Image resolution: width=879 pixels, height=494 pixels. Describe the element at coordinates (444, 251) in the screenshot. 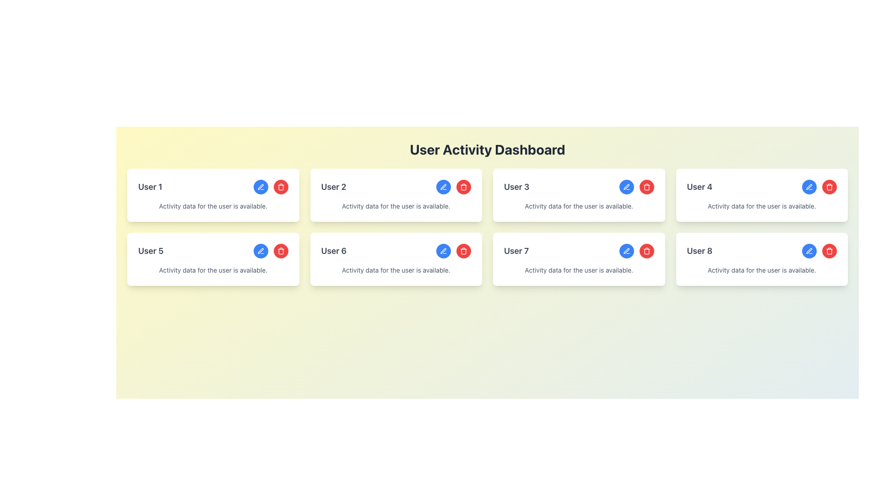

I see `the editing button for 'User 6'` at that location.